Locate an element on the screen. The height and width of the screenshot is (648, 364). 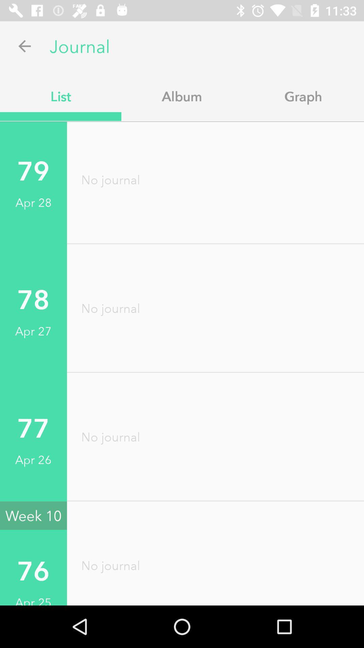
the album is located at coordinates (182, 96).